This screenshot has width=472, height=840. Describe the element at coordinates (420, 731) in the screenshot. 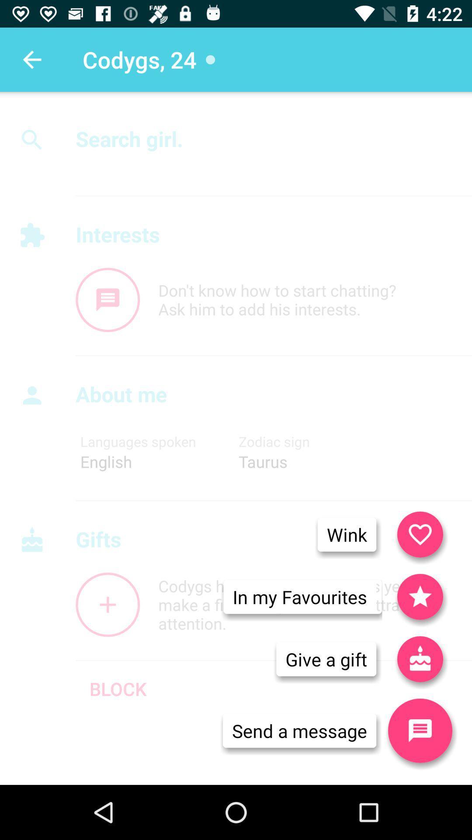

I see `the chat icon` at that location.